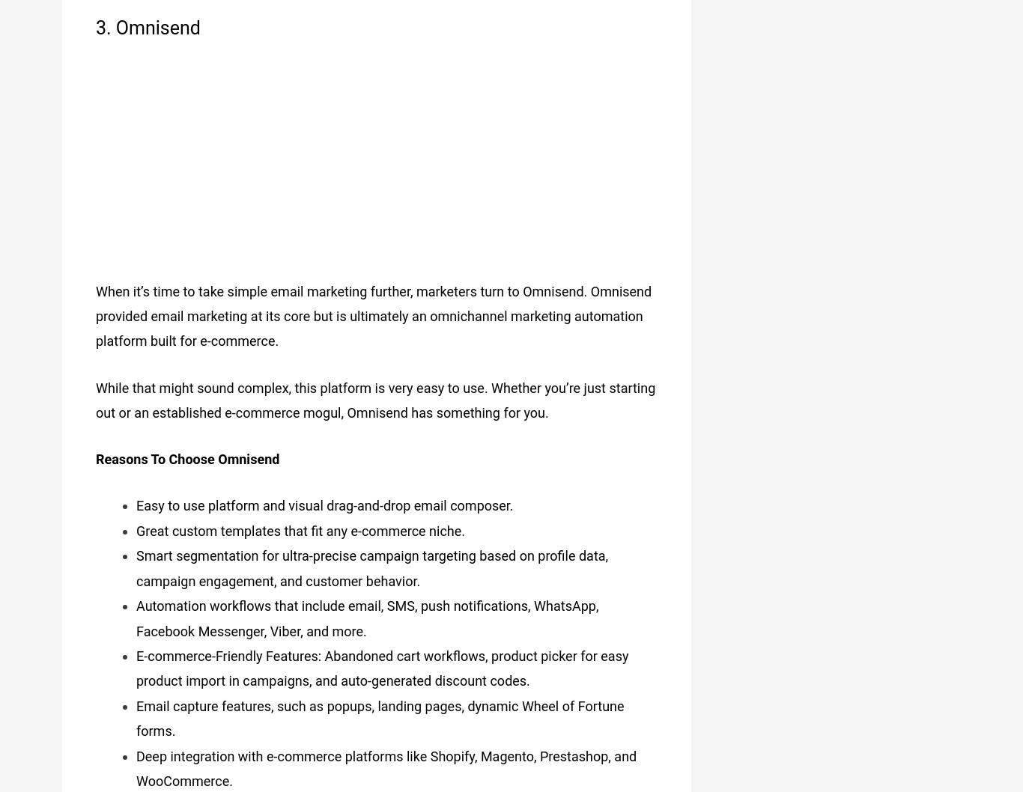 The height and width of the screenshot is (792, 1023). What do you see at coordinates (382, 662) in the screenshot?
I see `'E-commerce-Friendly Features: Abandoned cart workflows, product picker for easy product import in campaigns, and auto-generated discount codes.'` at bounding box center [382, 662].